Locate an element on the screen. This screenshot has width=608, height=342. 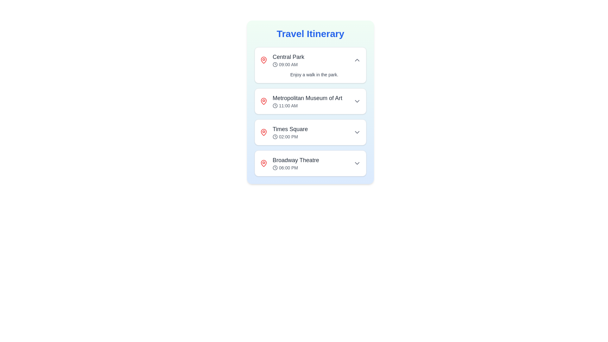
the itinerary entry displaying 'Central Park' with the time '09:00 AM' and a clock icon, located at the top of the list beneath 'Travel Itinerary' is located at coordinates (288, 60).